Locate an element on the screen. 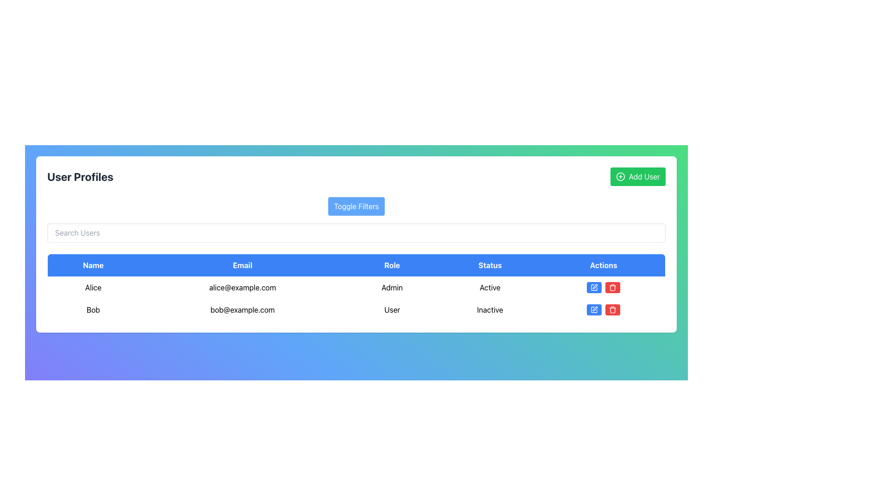 This screenshot has width=890, height=501. the 'User Profiles' text label, which serves as a title indicating the section context within the interface is located at coordinates (80, 177).